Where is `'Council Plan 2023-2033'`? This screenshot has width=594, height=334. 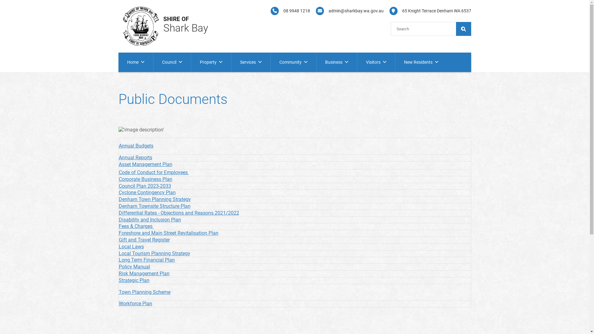
'Council Plan 2023-2033' is located at coordinates (144, 186).